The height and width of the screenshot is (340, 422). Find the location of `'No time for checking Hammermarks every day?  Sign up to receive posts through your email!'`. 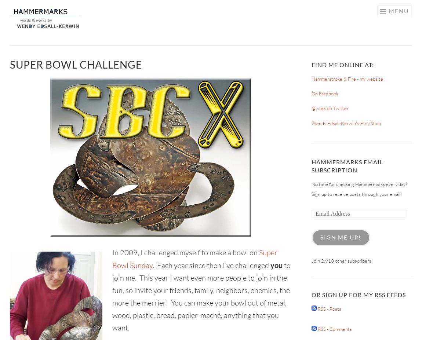

'No time for checking Hammermarks every day?  Sign up to receive posts through your email!' is located at coordinates (359, 189).